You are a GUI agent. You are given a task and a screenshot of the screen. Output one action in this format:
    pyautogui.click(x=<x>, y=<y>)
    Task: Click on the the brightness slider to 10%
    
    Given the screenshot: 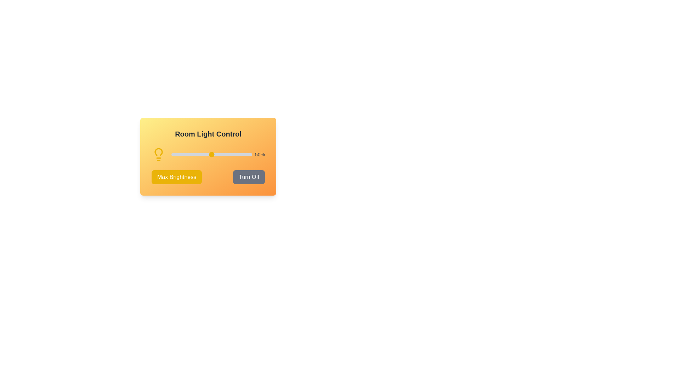 What is the action you would take?
    pyautogui.click(x=179, y=154)
    